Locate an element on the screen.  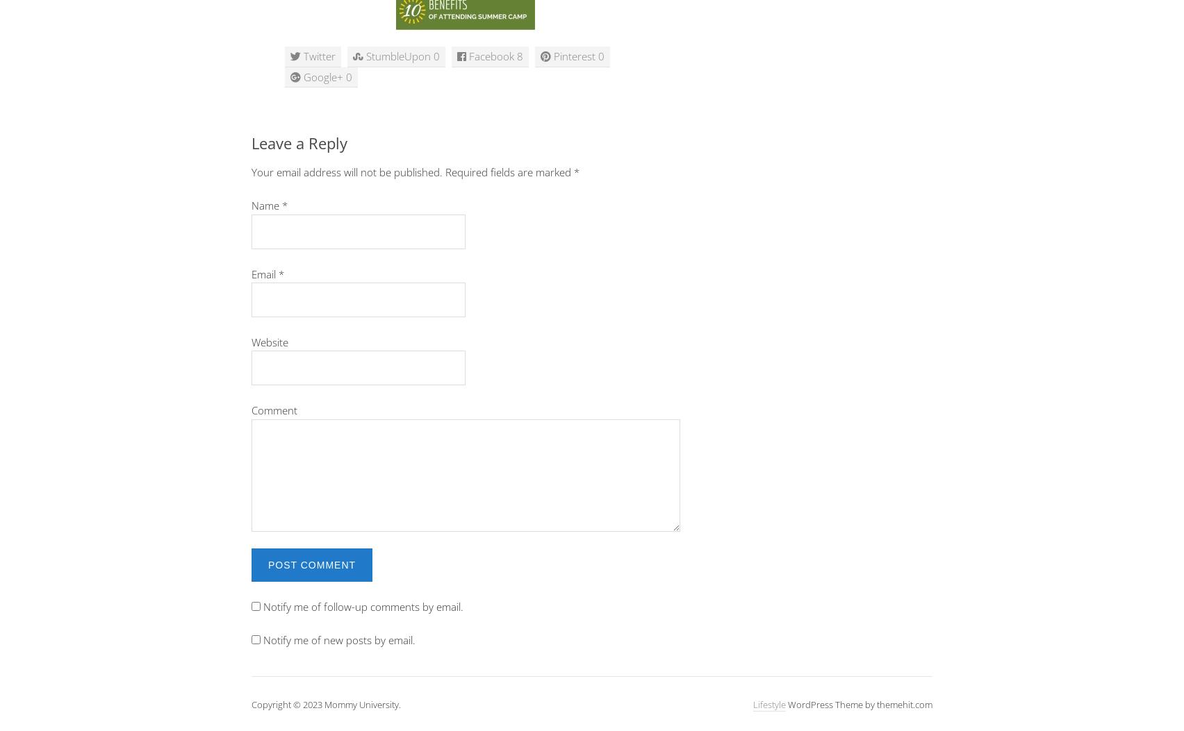
'StumbleUpon' is located at coordinates (398, 55).